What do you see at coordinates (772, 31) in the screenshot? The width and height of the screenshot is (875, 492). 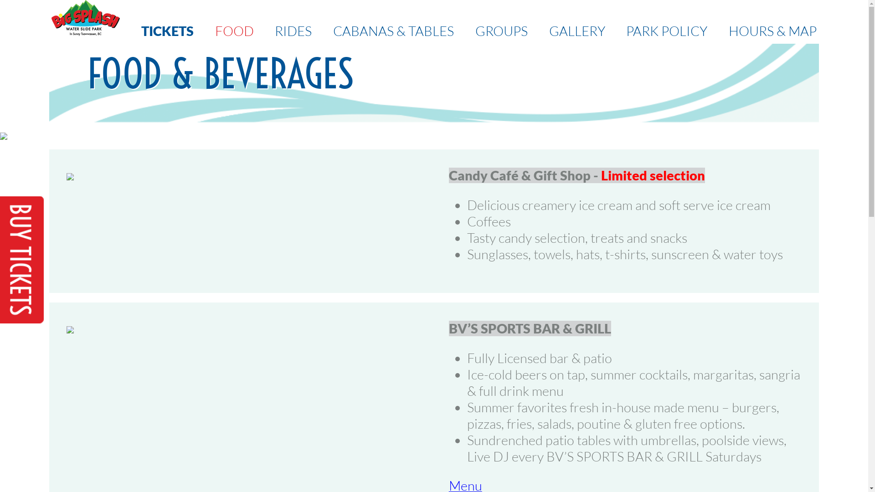 I see `'HOURS & MAP'` at bounding box center [772, 31].